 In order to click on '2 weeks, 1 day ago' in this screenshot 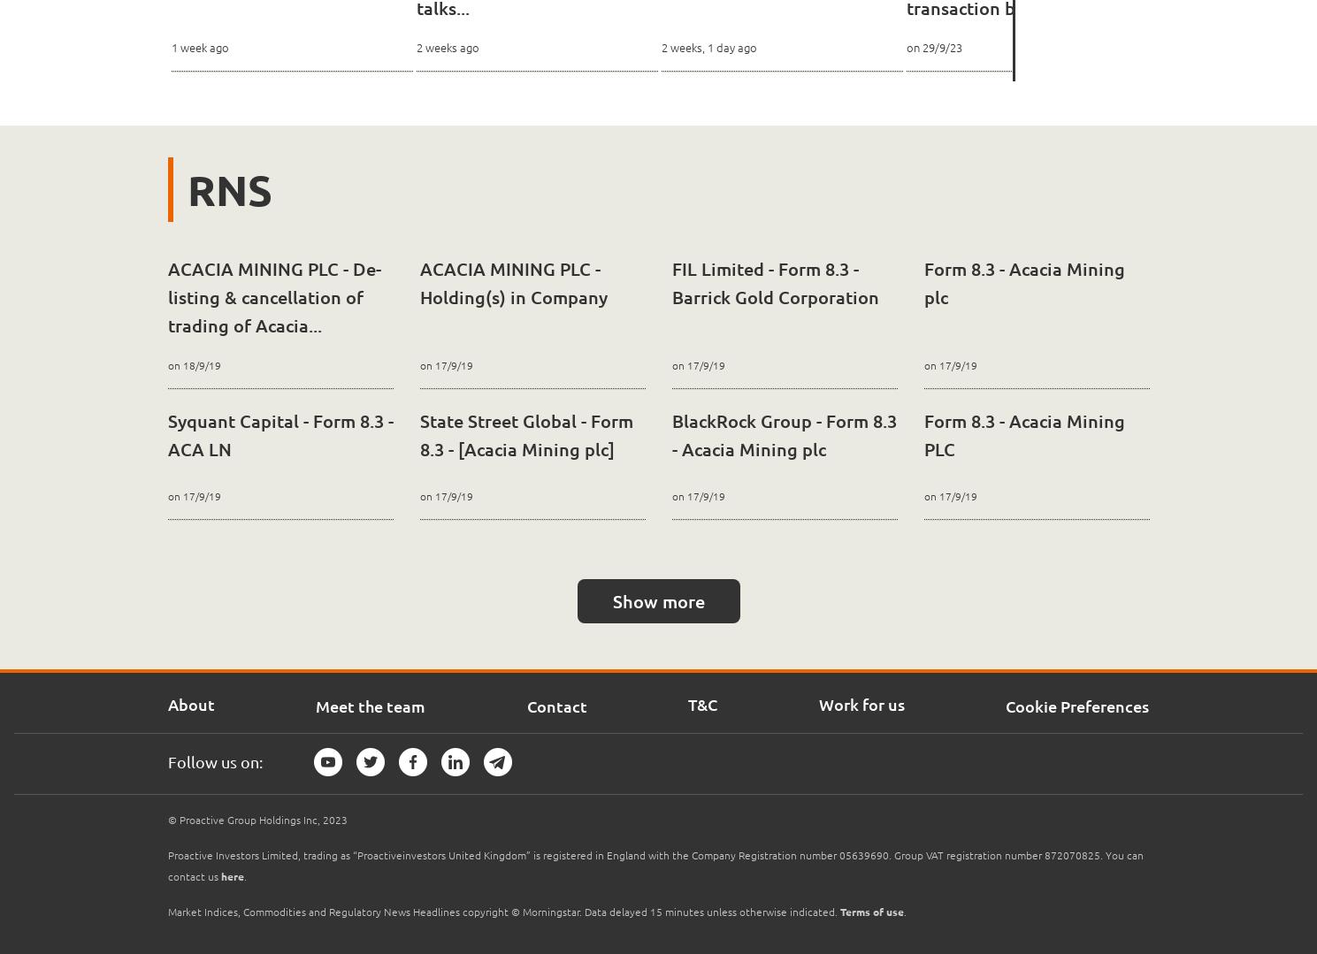, I will do `click(708, 46)`.